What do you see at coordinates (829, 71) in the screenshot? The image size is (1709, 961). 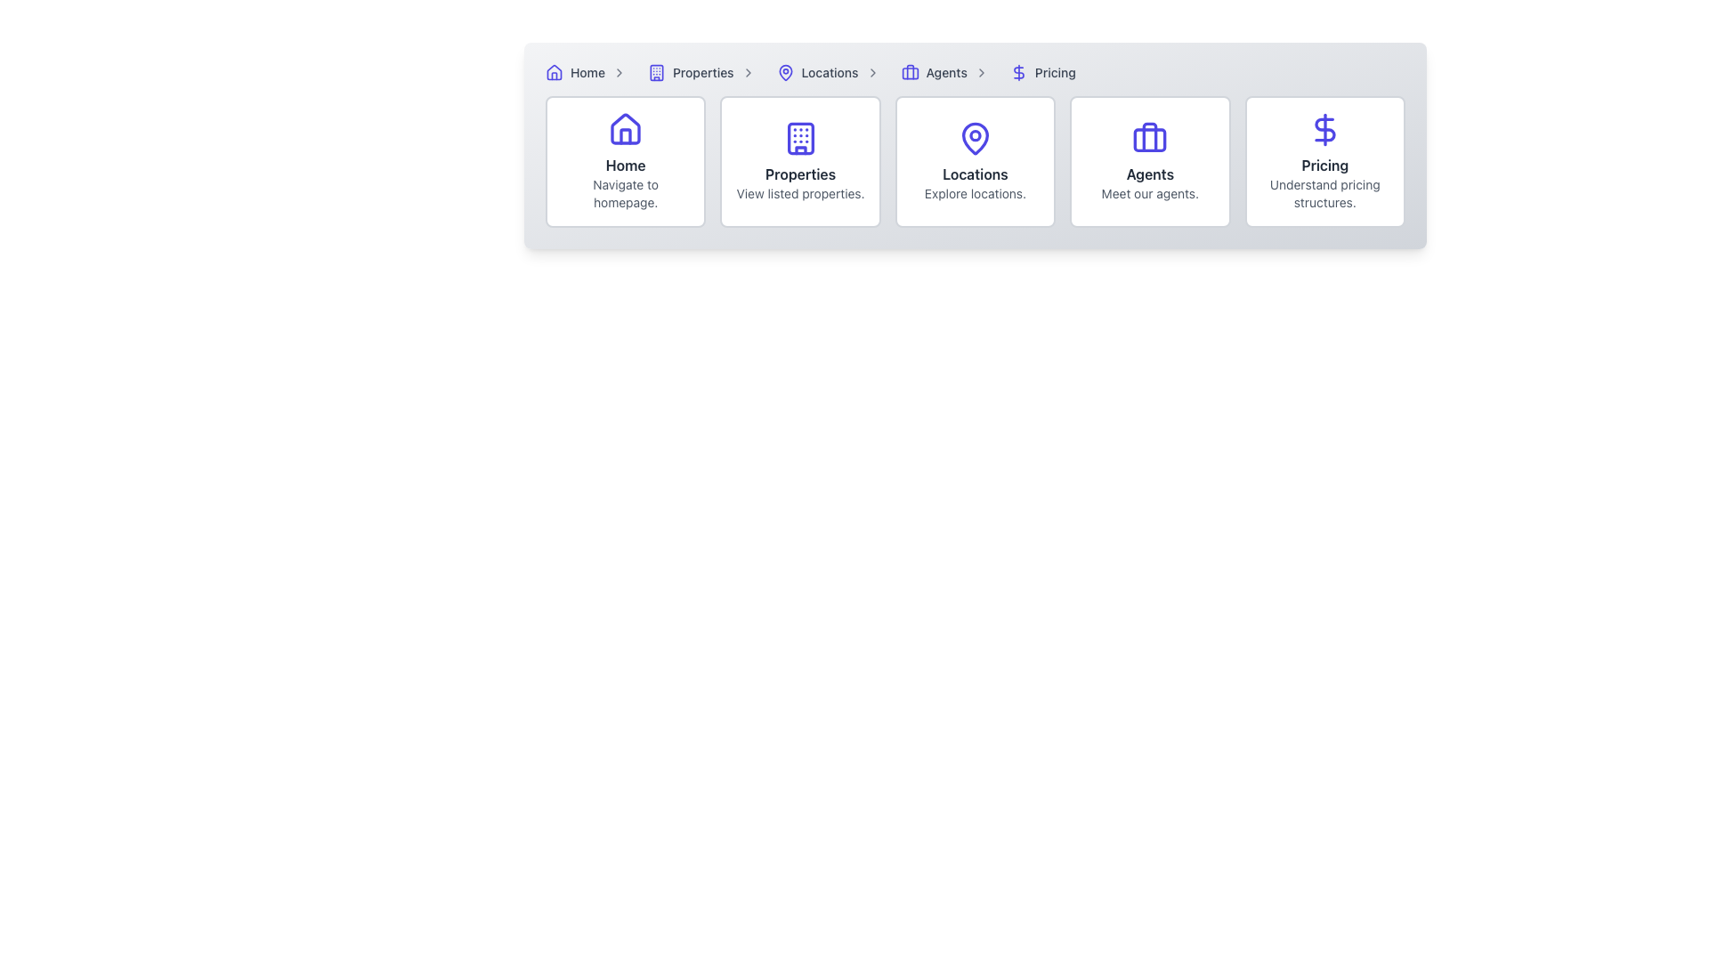 I see `the 'Locations' navigation link in the breadcrumb navigation bar` at bounding box center [829, 71].